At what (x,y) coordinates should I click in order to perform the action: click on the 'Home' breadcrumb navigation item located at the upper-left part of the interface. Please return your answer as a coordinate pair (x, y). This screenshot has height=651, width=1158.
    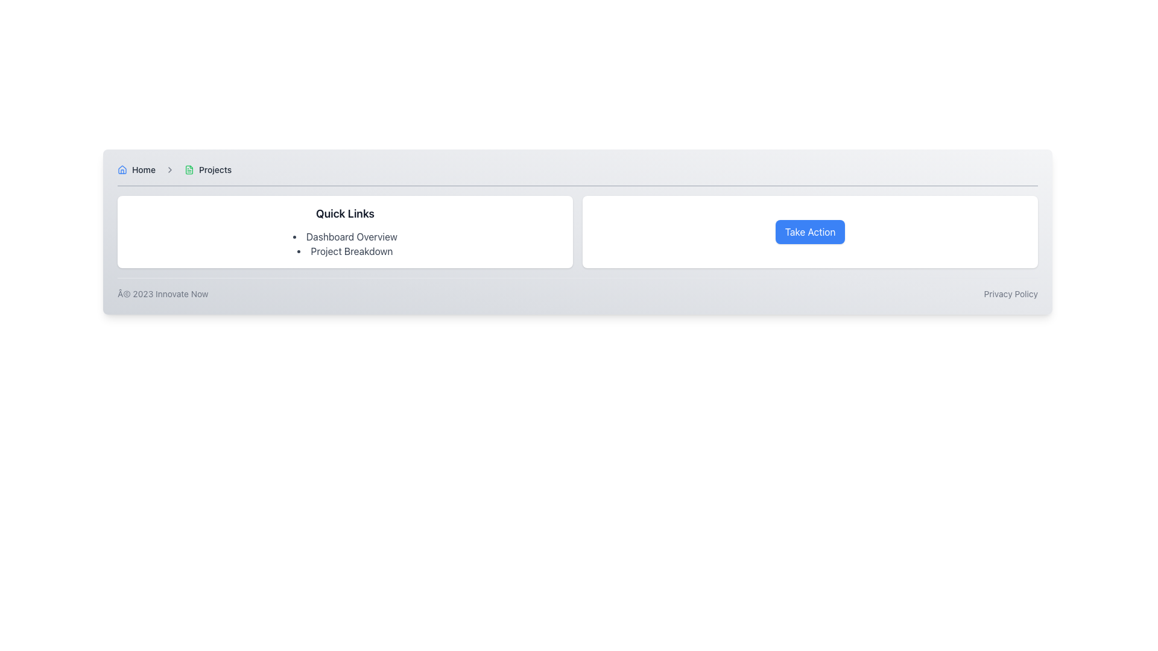
    Looking at the image, I should click on (136, 169).